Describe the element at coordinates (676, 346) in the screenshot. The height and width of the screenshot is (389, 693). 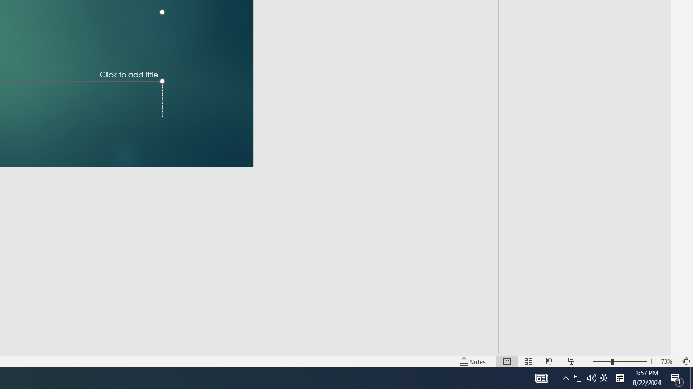
I see `'Zoom 75%'` at that location.